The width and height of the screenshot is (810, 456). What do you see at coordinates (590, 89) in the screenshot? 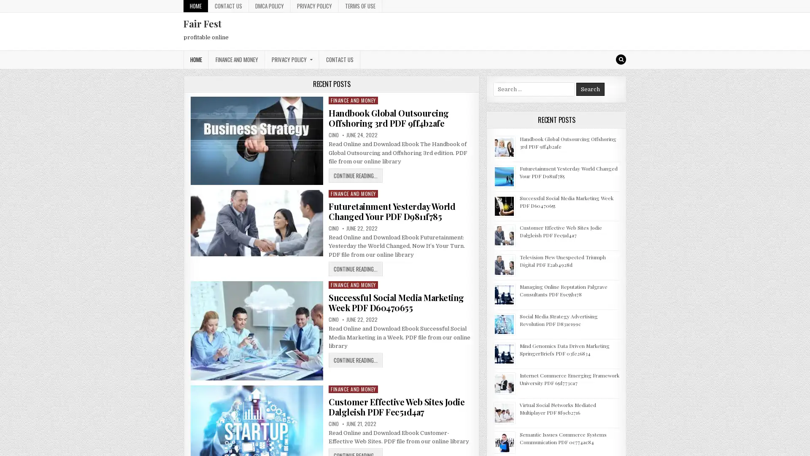
I see `Search` at bounding box center [590, 89].